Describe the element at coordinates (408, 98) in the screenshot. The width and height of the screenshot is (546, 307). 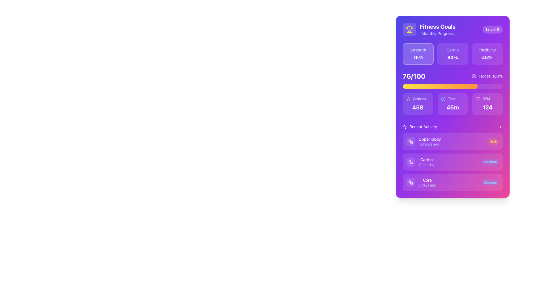
I see `the flame icon, which is a vector graphic styled with orange and purple hues, located in the middle-upper section of the interface within a fitness summary box` at that location.